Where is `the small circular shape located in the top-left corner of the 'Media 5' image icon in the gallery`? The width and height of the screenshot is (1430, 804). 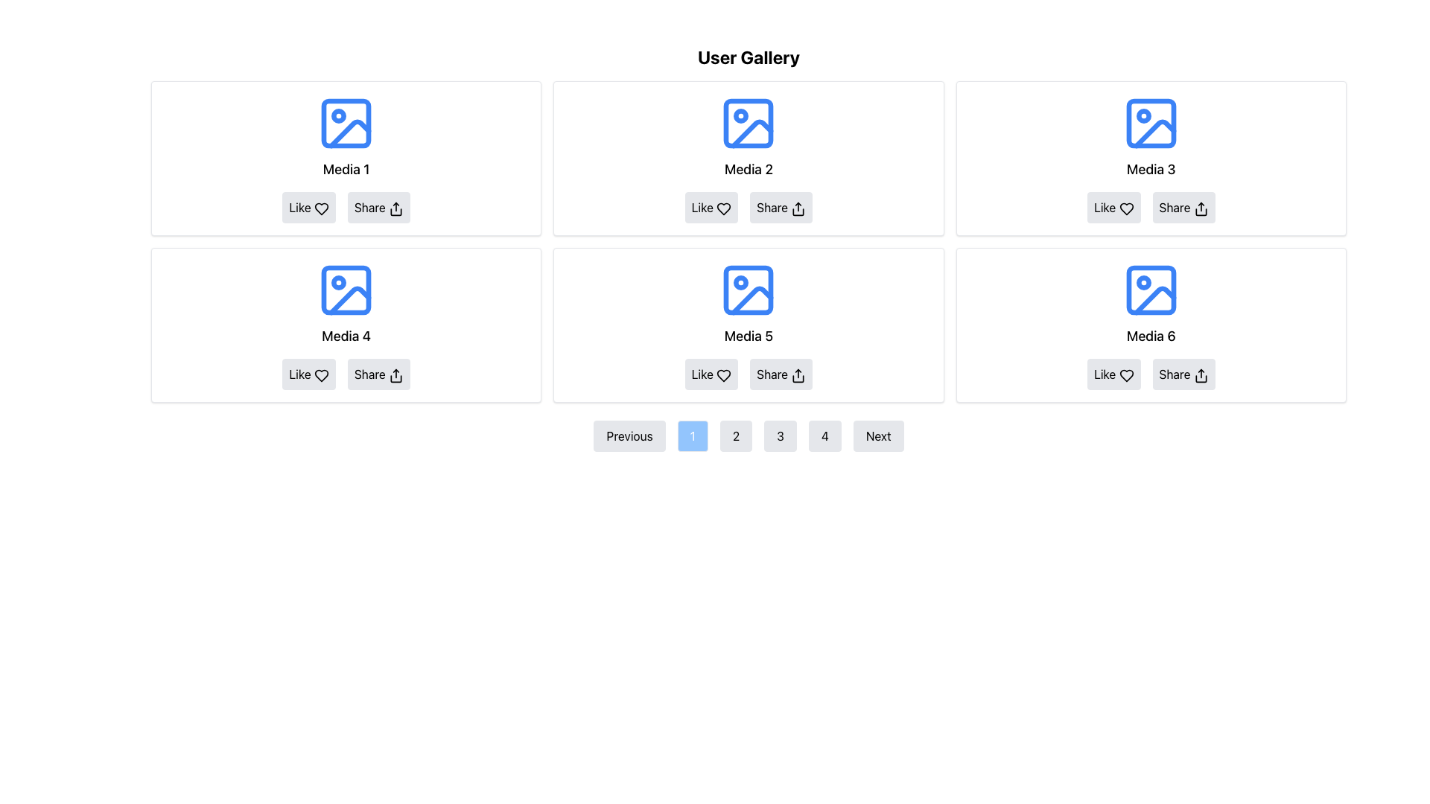 the small circular shape located in the top-left corner of the 'Media 5' image icon in the gallery is located at coordinates (741, 283).